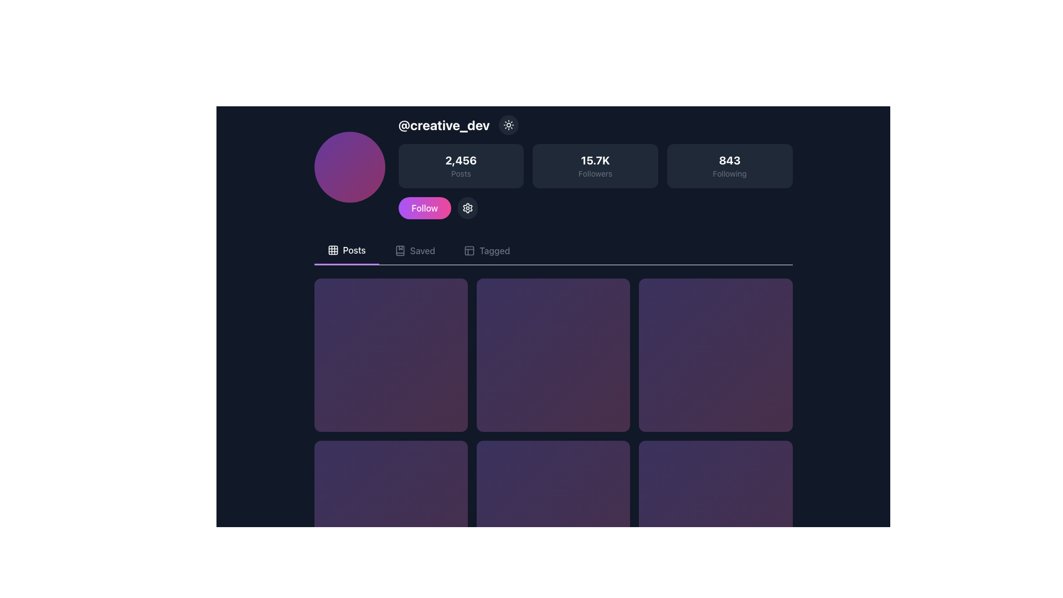  Describe the element at coordinates (468, 208) in the screenshot. I see `the settings icon located inside a circular button adjacent to the 'Follow' button and beneath the username label '@creative_dev'` at that location.